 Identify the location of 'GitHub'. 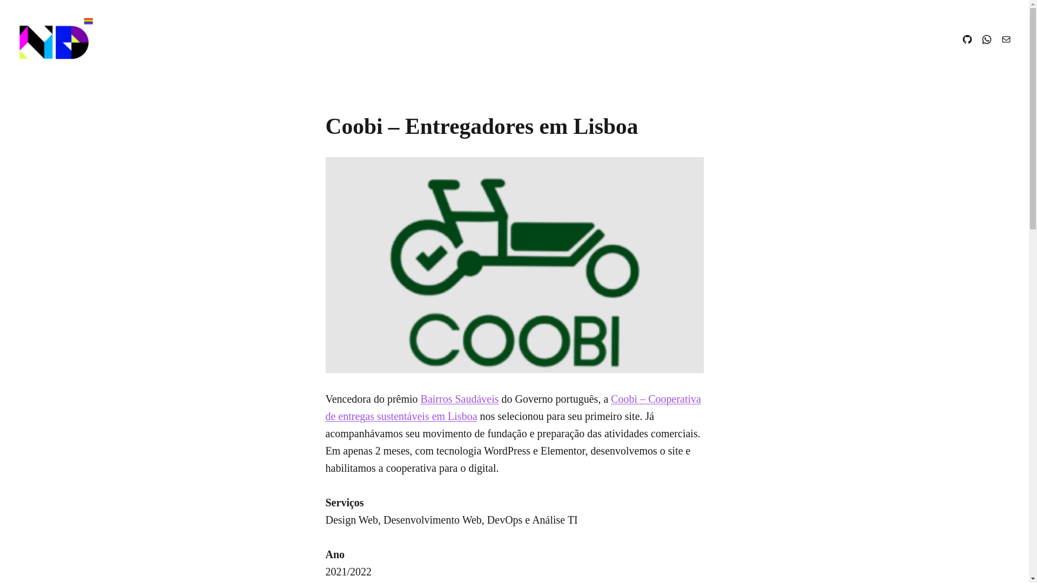
(967, 39).